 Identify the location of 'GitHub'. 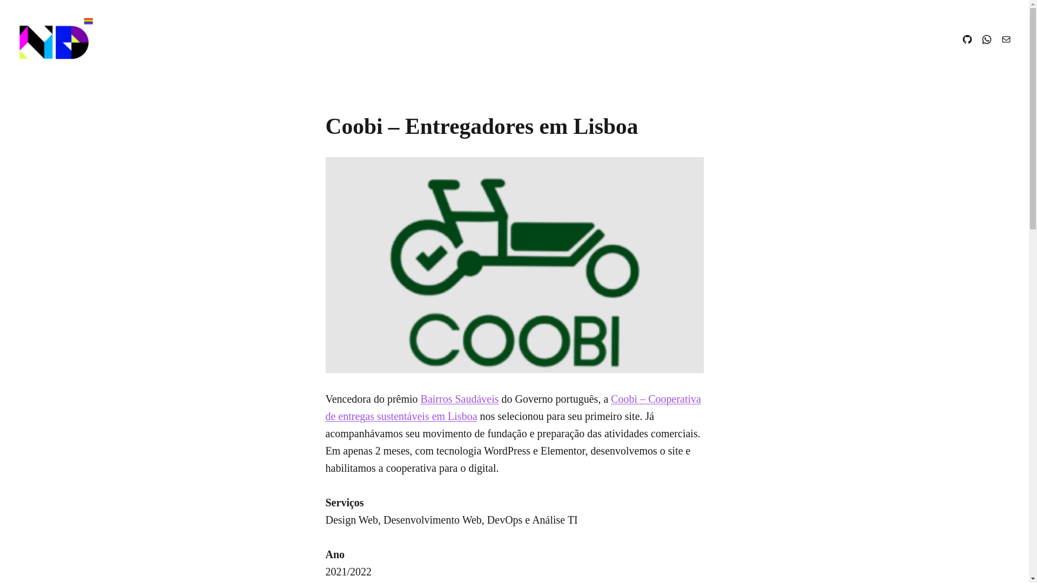
(967, 39).